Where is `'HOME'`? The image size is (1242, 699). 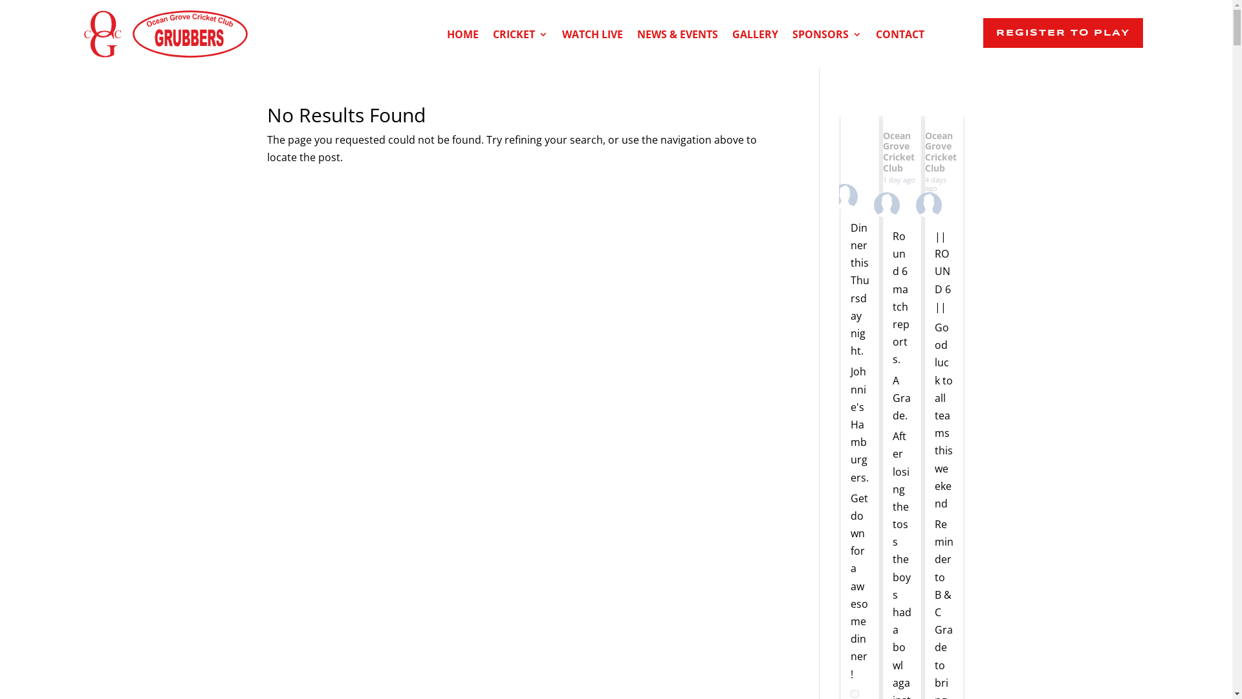
'HOME' is located at coordinates (463, 36).